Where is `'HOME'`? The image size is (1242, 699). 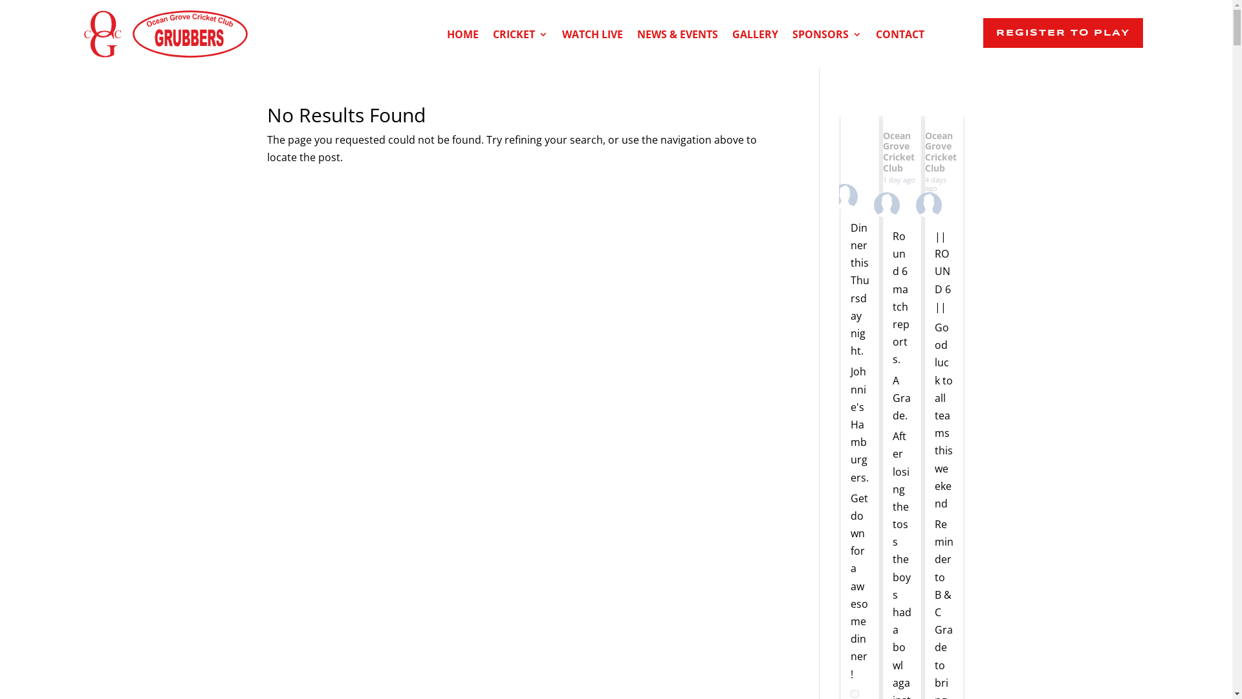
'HOME' is located at coordinates (463, 36).